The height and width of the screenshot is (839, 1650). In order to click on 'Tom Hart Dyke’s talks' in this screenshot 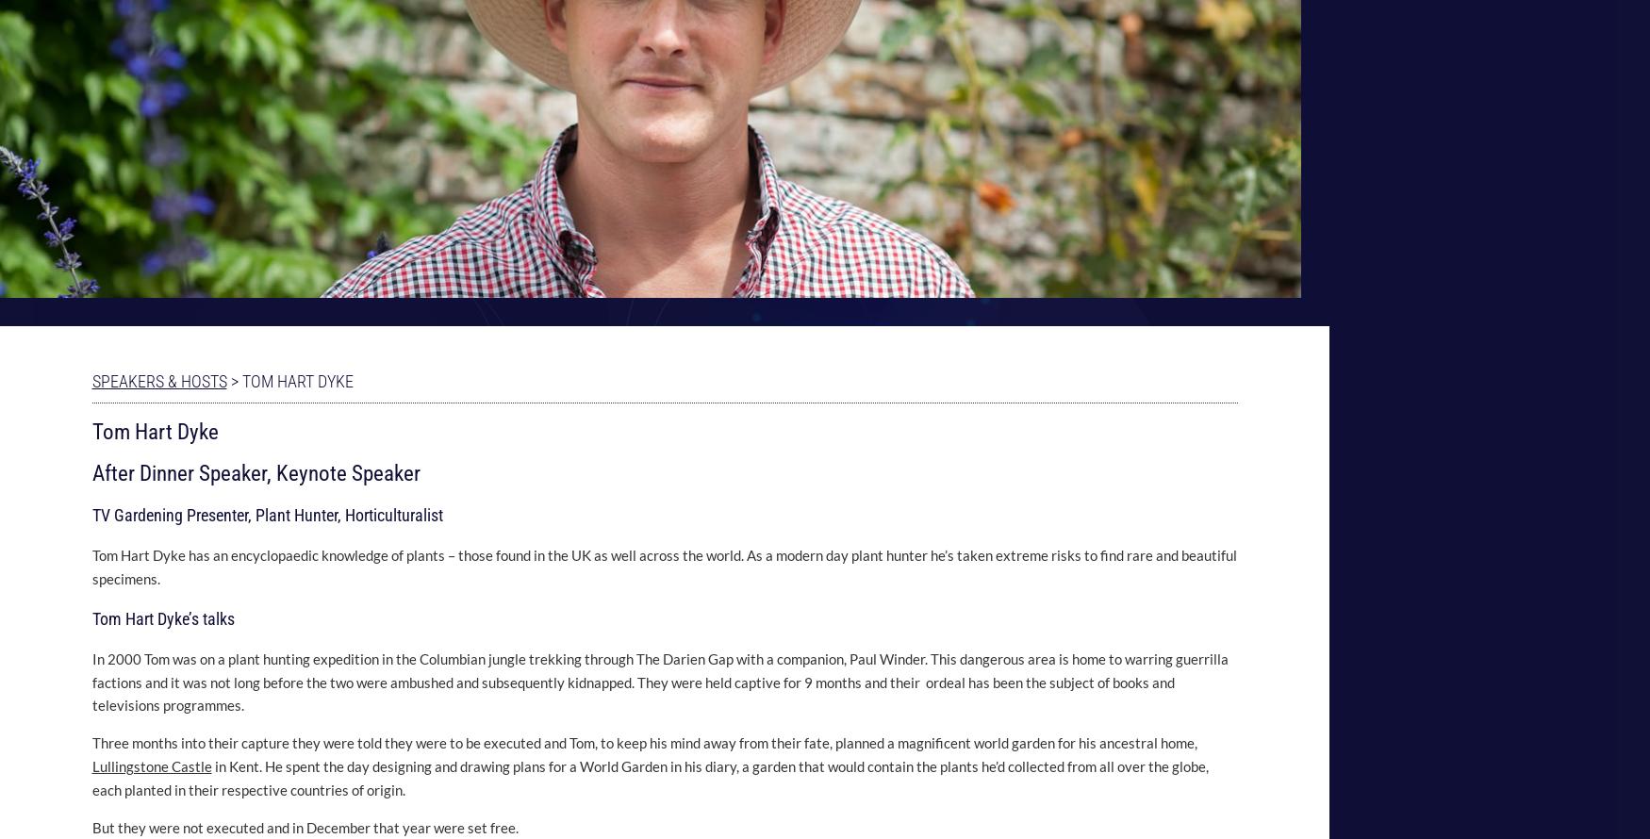, I will do `click(91, 617)`.